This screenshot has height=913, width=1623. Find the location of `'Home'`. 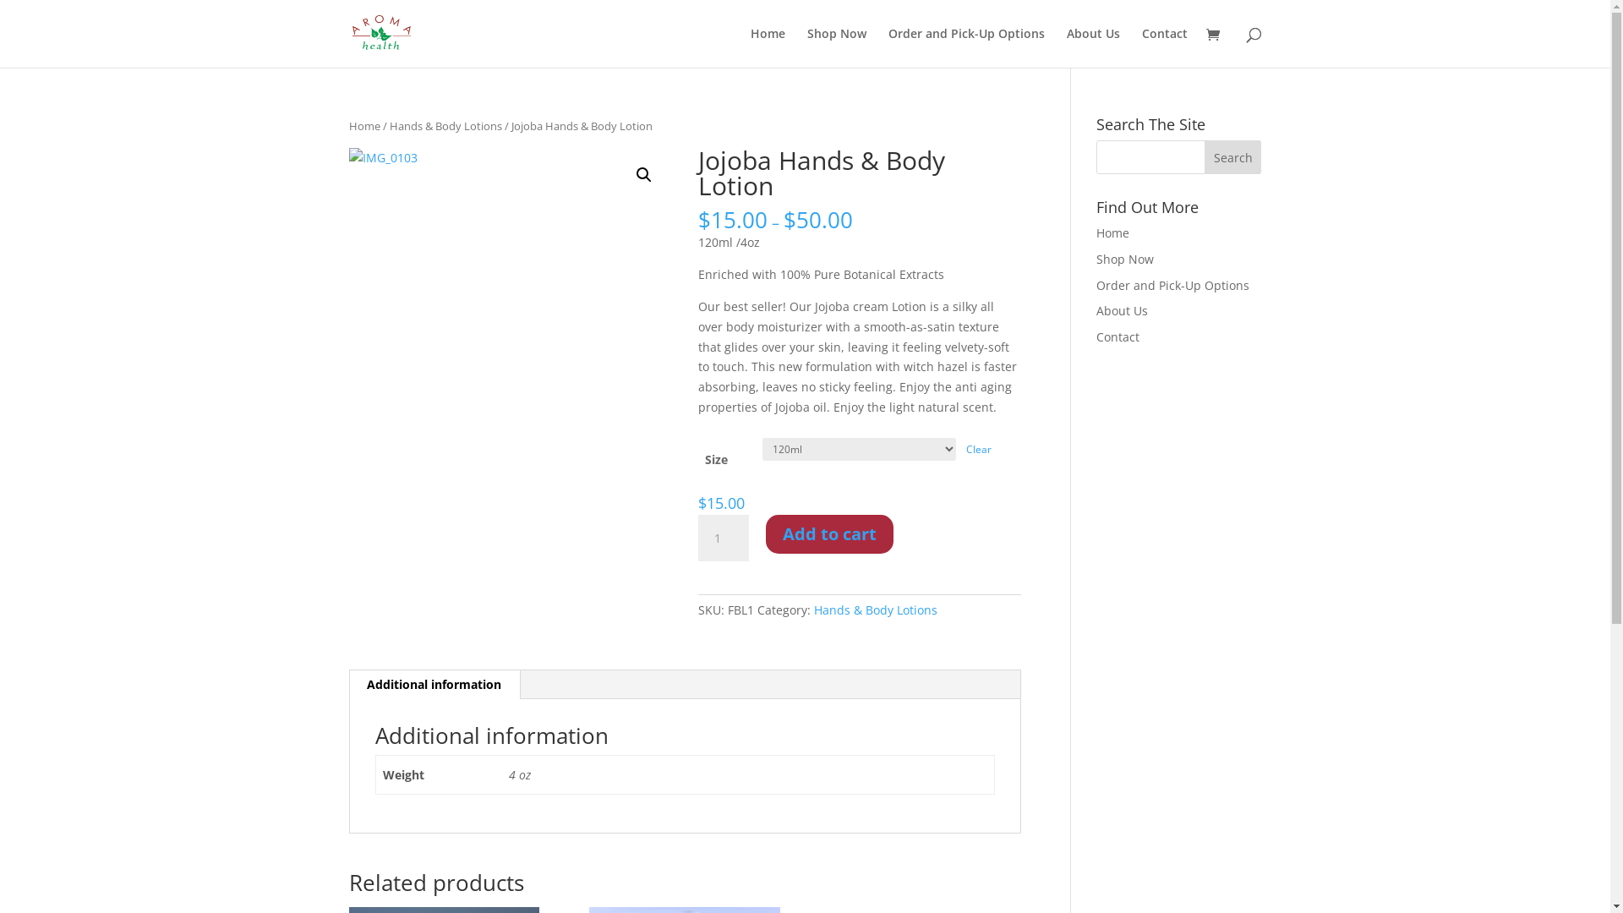

'Home' is located at coordinates (750, 46).